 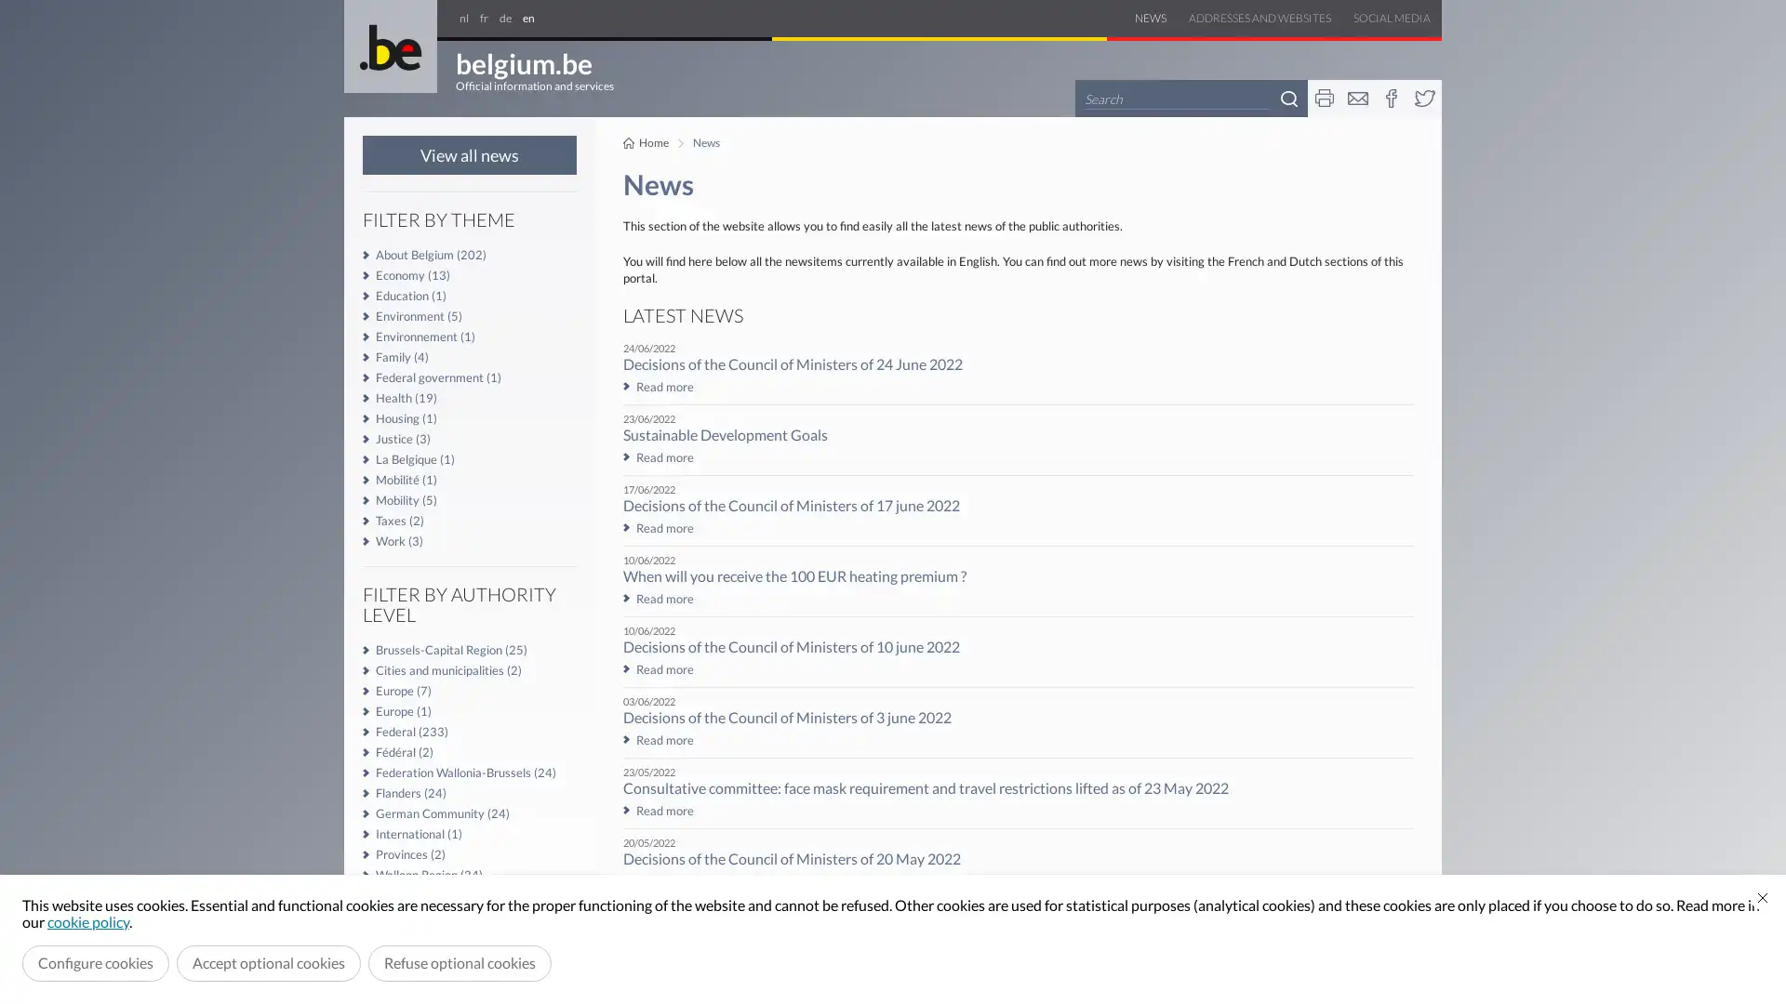 I want to click on Refuse optional cookies, so click(x=460, y=962).